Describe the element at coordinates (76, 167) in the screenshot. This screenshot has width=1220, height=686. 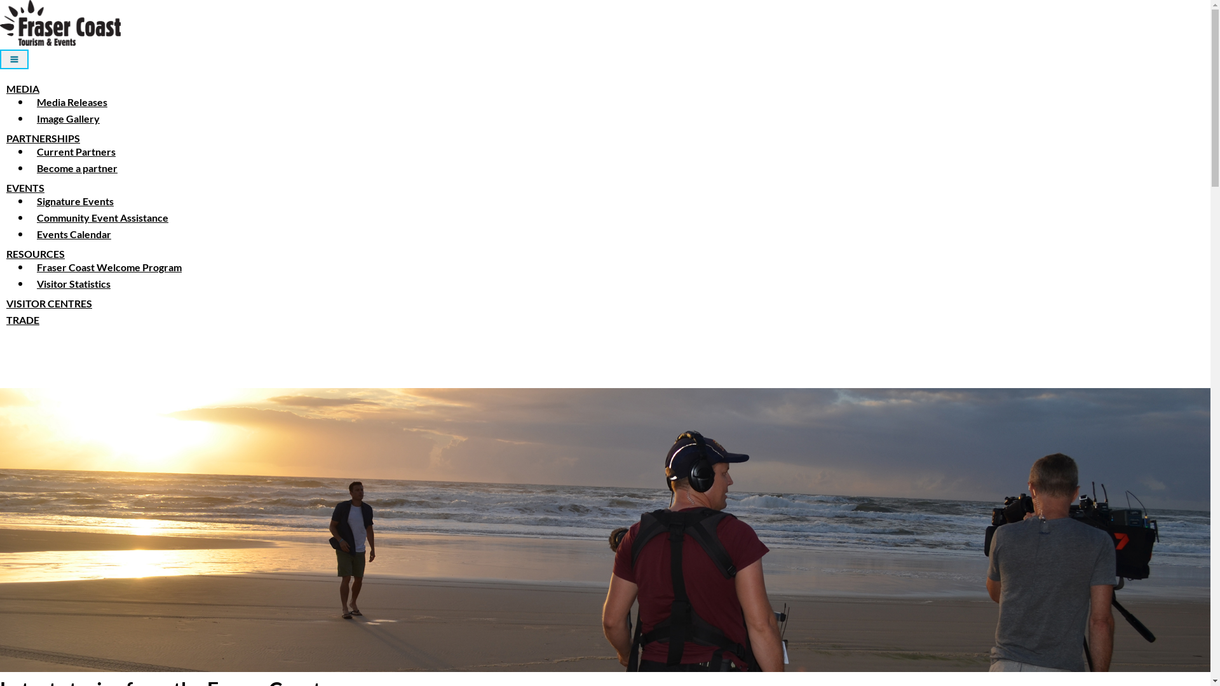
I see `'Become a partner'` at that location.